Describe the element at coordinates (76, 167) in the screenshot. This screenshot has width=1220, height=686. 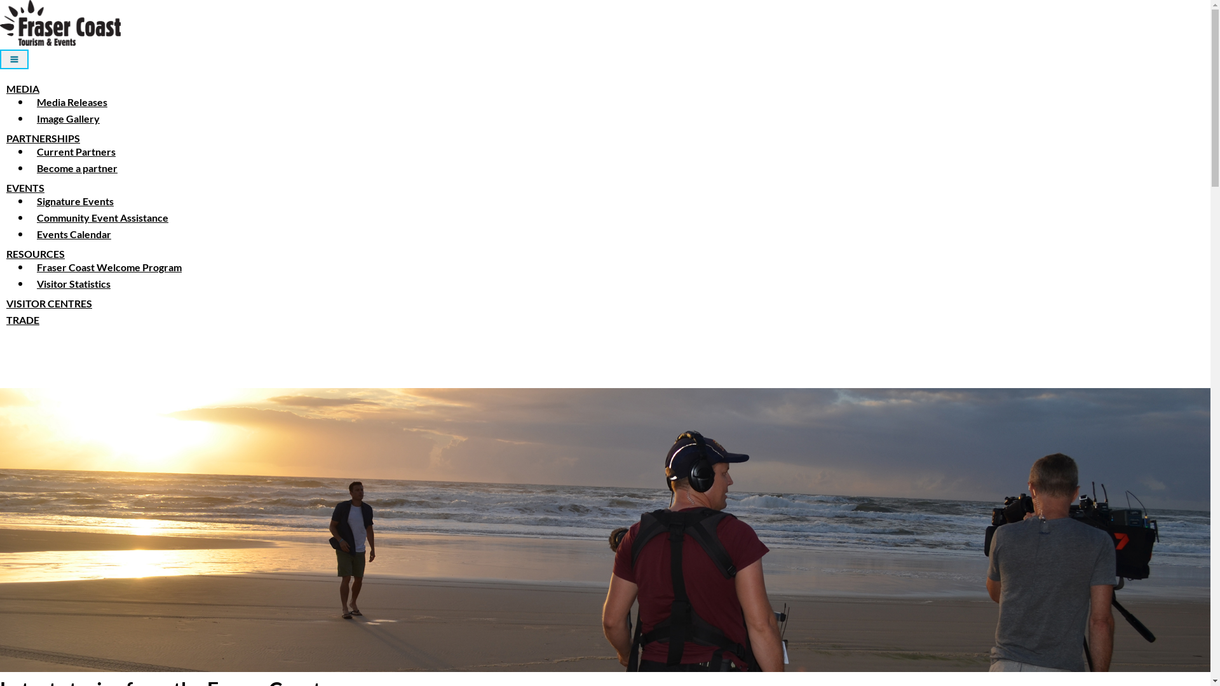
I see `'Become a partner'` at that location.